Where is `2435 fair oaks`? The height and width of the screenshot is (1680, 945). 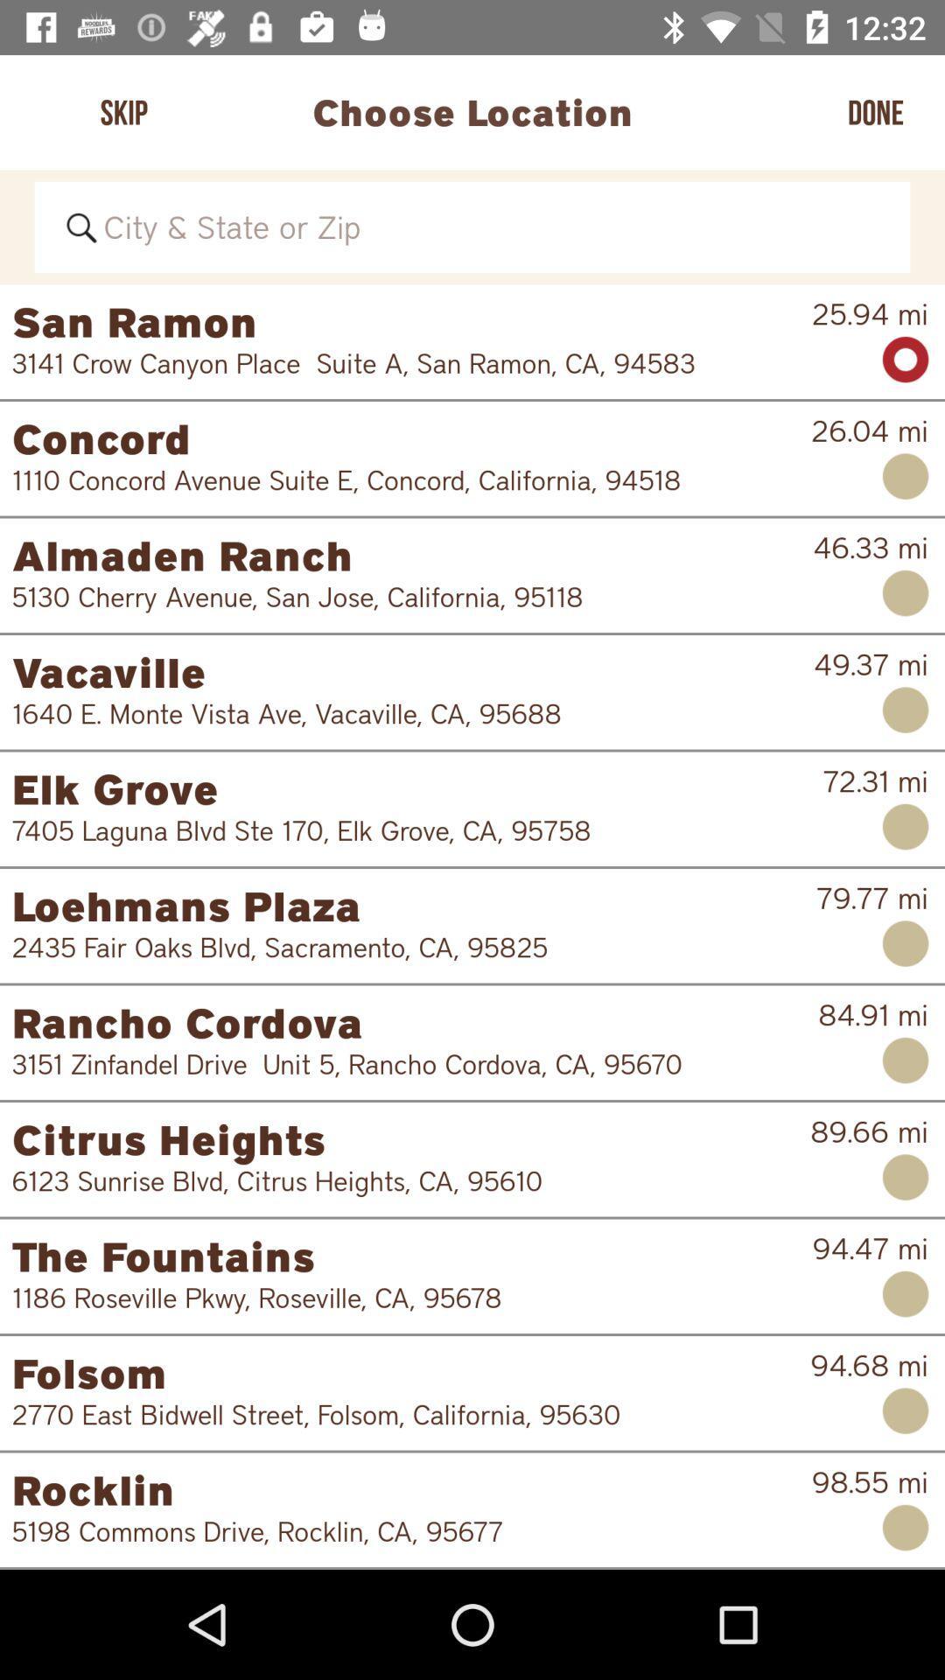
2435 fair oaks is located at coordinates (402, 947).